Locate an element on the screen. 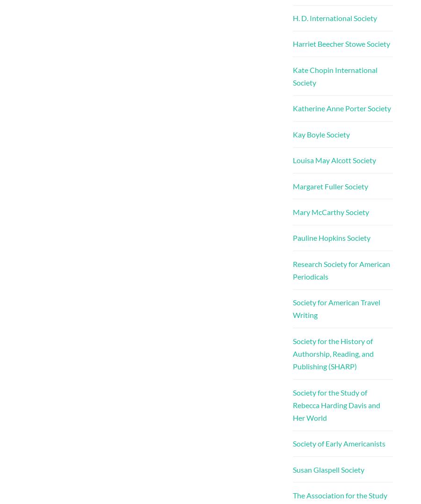  'Harriet Beecher Stowe Society' is located at coordinates (341, 43).